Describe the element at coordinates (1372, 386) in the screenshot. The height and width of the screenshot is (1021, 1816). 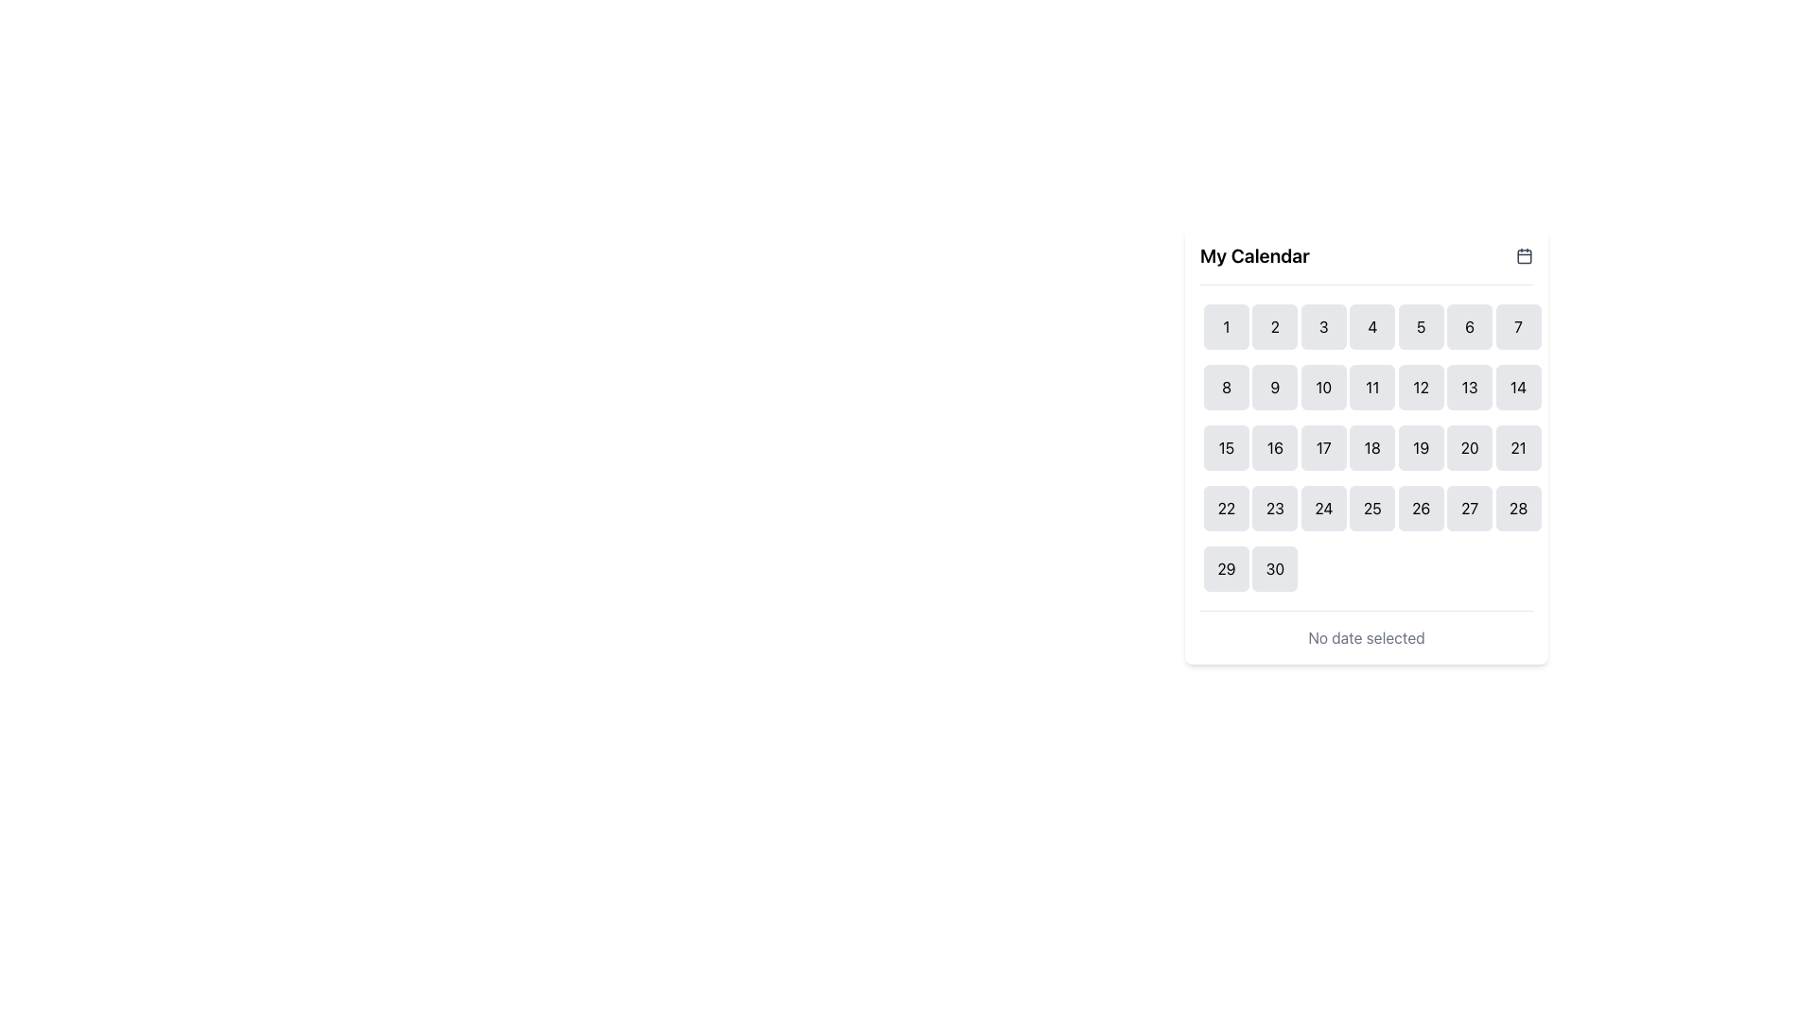
I see `the button displaying the number '11' in the calendar component located in the upper-right section of the view` at that location.